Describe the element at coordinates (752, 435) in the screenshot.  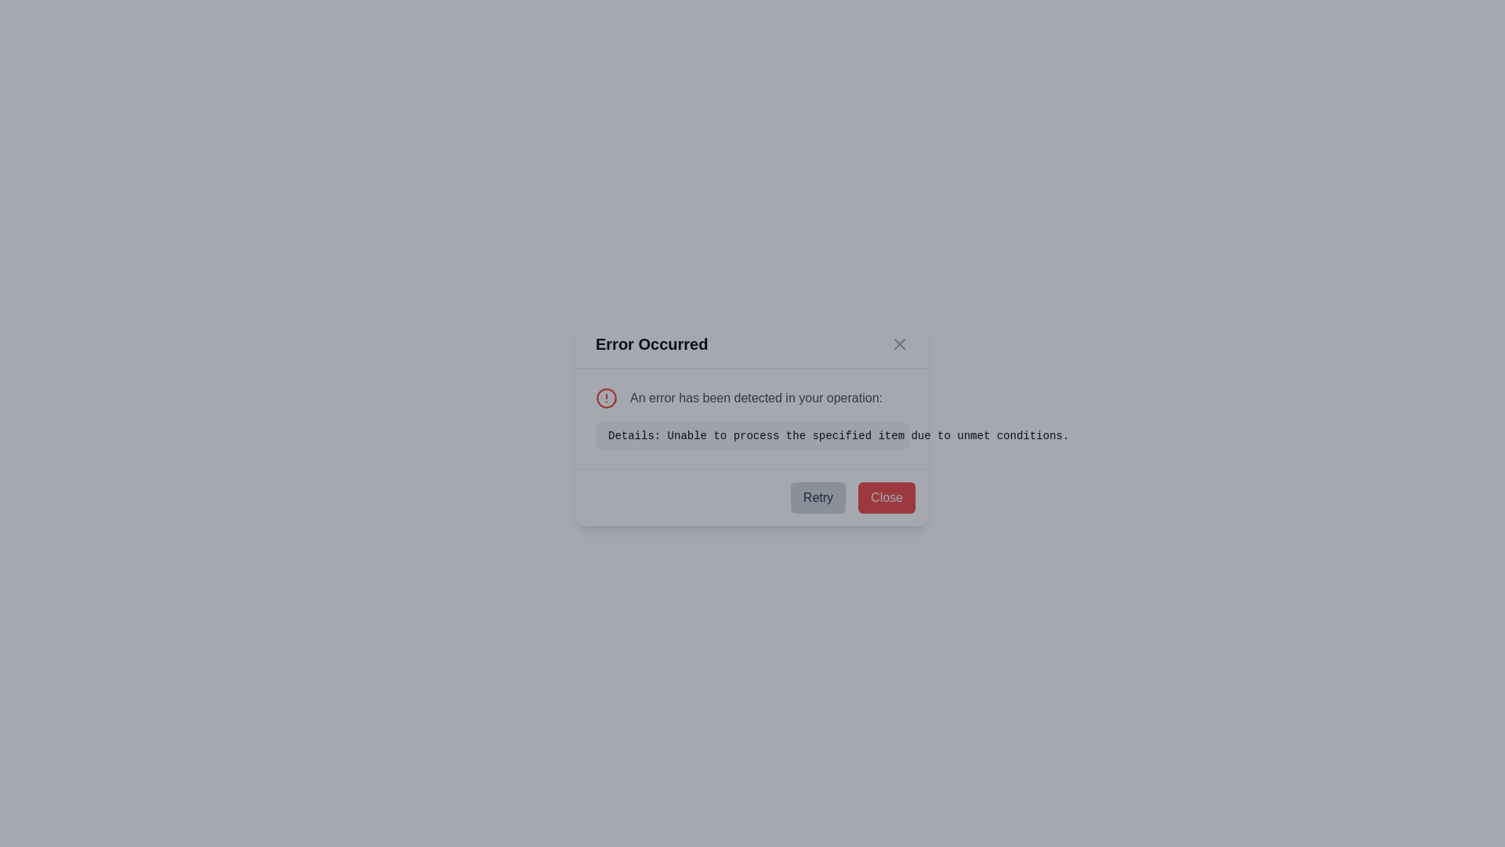
I see `the informational Text Label that provides clarification regarding the error message in the modal window` at that location.